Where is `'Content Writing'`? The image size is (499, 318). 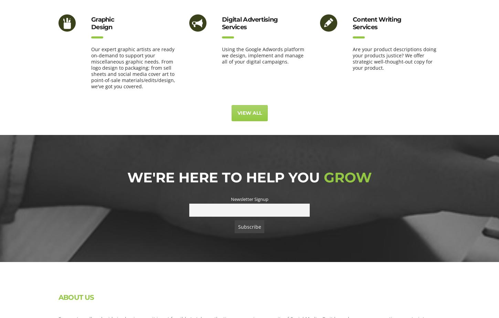 'Content Writing' is located at coordinates (353, 19).